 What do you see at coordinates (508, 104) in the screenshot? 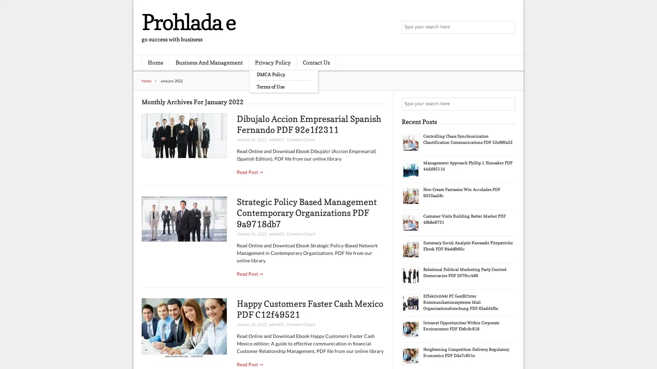
I see `Search` at bounding box center [508, 104].